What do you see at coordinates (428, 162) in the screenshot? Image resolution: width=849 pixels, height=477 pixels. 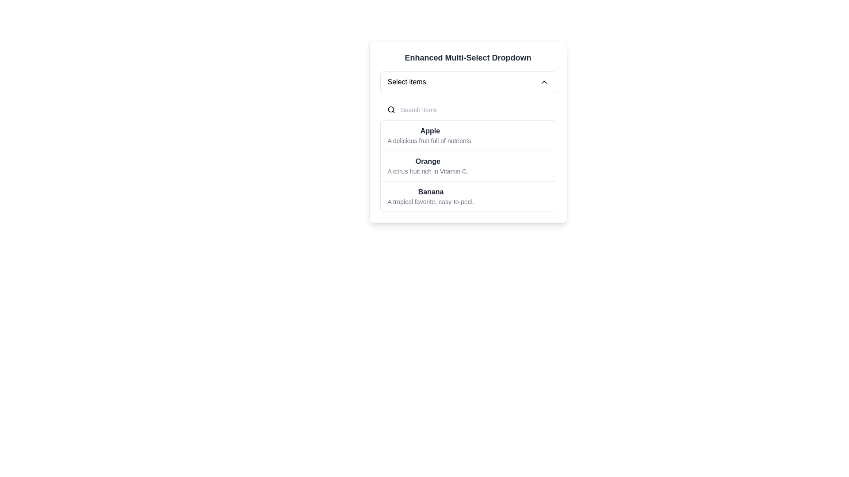 I see `the 'Orange' text label in the dropdown menu, which identifies the option between 'Apple' and 'Banana'` at bounding box center [428, 162].